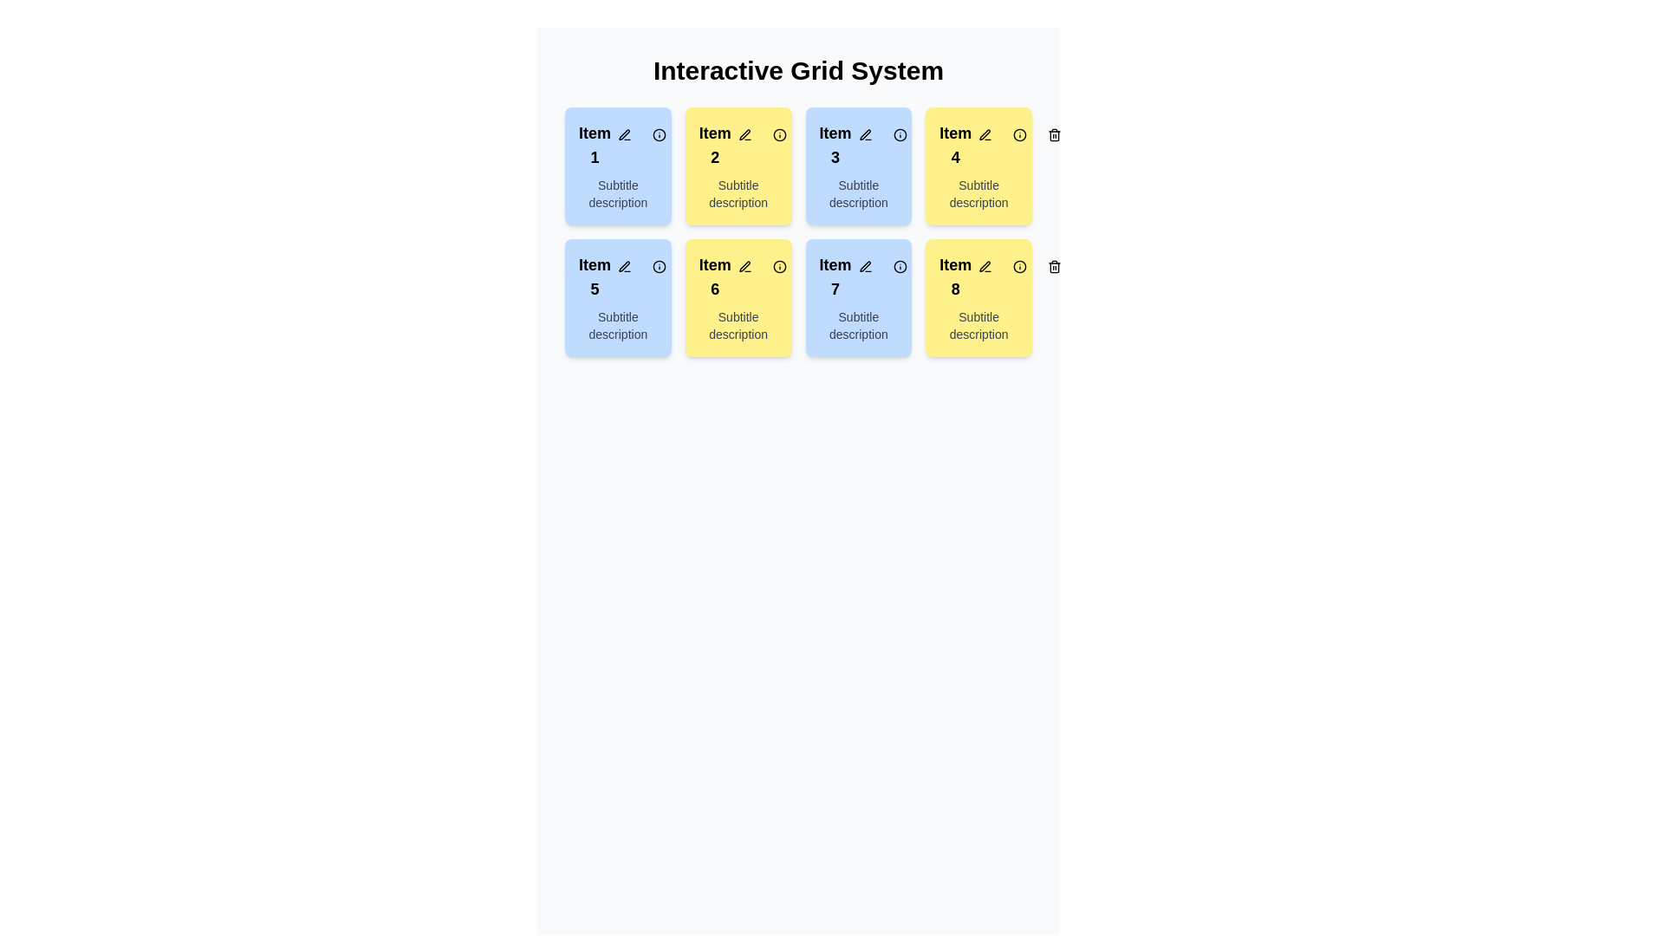 This screenshot has width=1664, height=936. I want to click on the text label displaying 'Item 6', so click(715, 276).